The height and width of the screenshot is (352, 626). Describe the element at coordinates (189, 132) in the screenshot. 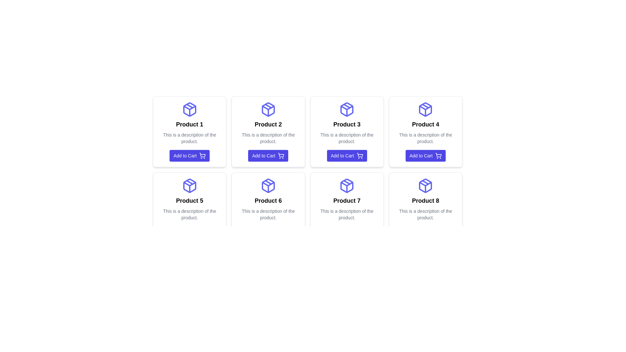

I see `the first product listing card in the top-left corner of the grid layout` at that location.